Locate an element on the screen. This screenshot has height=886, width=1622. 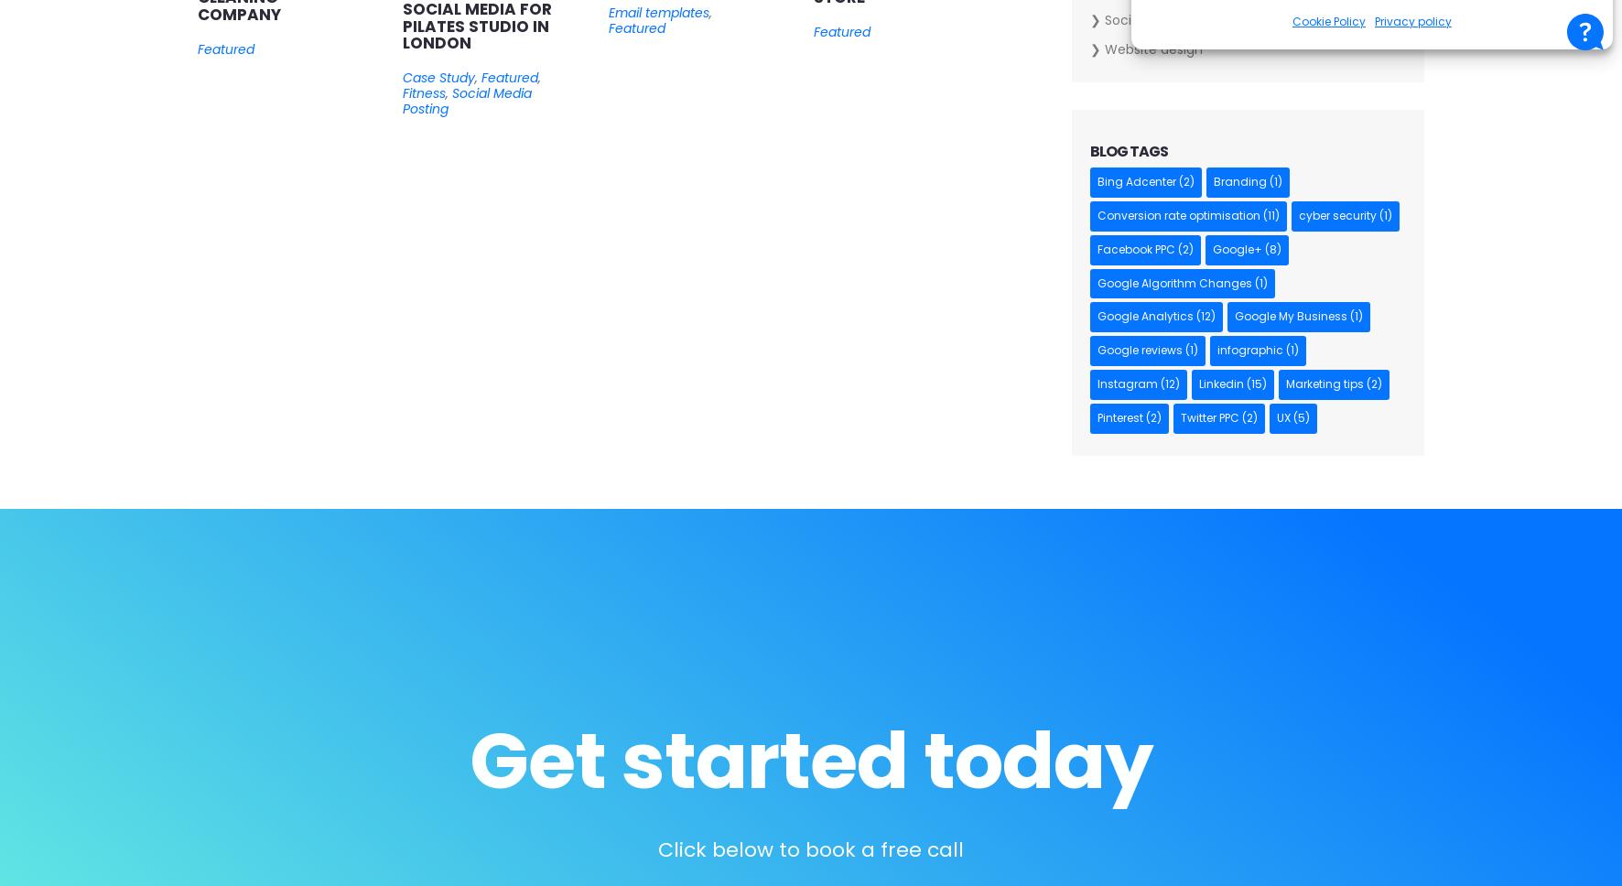
'Website design' is located at coordinates (1103, 48).